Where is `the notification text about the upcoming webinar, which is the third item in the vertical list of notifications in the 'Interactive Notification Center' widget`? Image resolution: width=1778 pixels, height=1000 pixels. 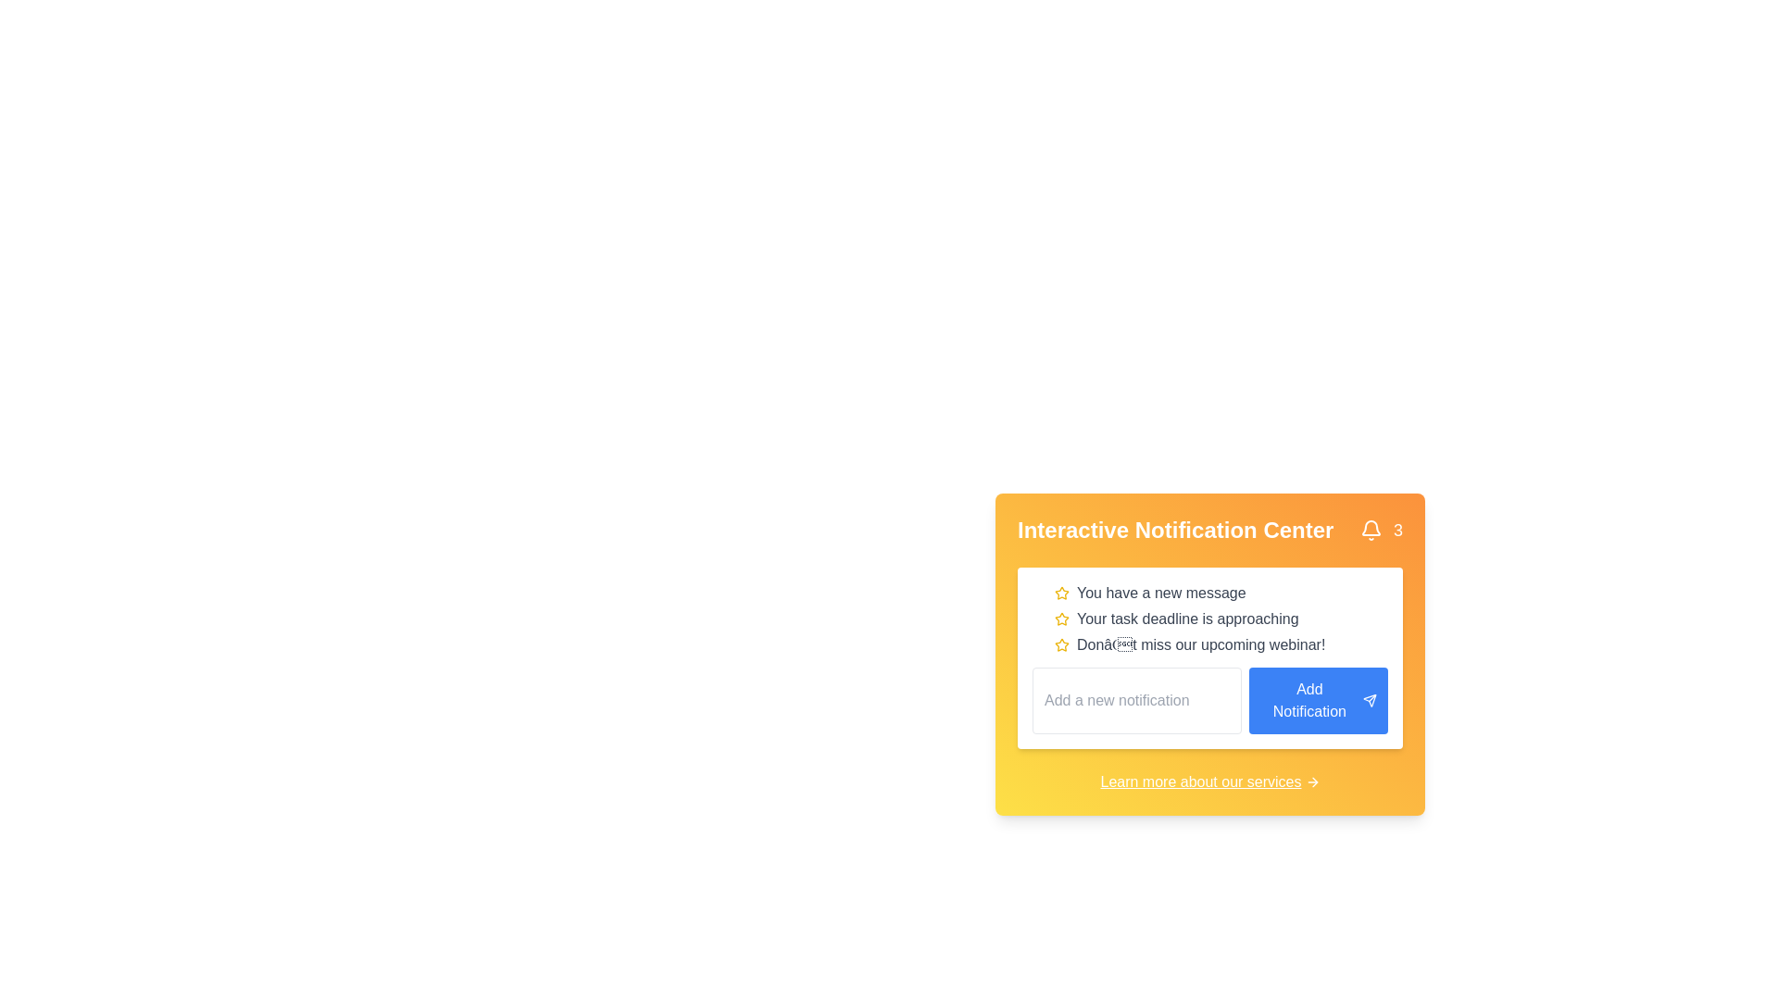
the notification text about the upcoming webinar, which is the third item in the vertical list of notifications in the 'Interactive Notification Center' widget is located at coordinates (1221, 644).